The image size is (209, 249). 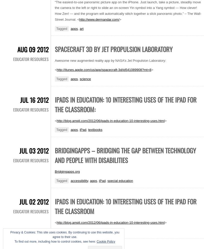 What do you see at coordinates (55, 241) in the screenshot?
I see `'To find out more, including how to control cookies, see here:'` at bounding box center [55, 241].